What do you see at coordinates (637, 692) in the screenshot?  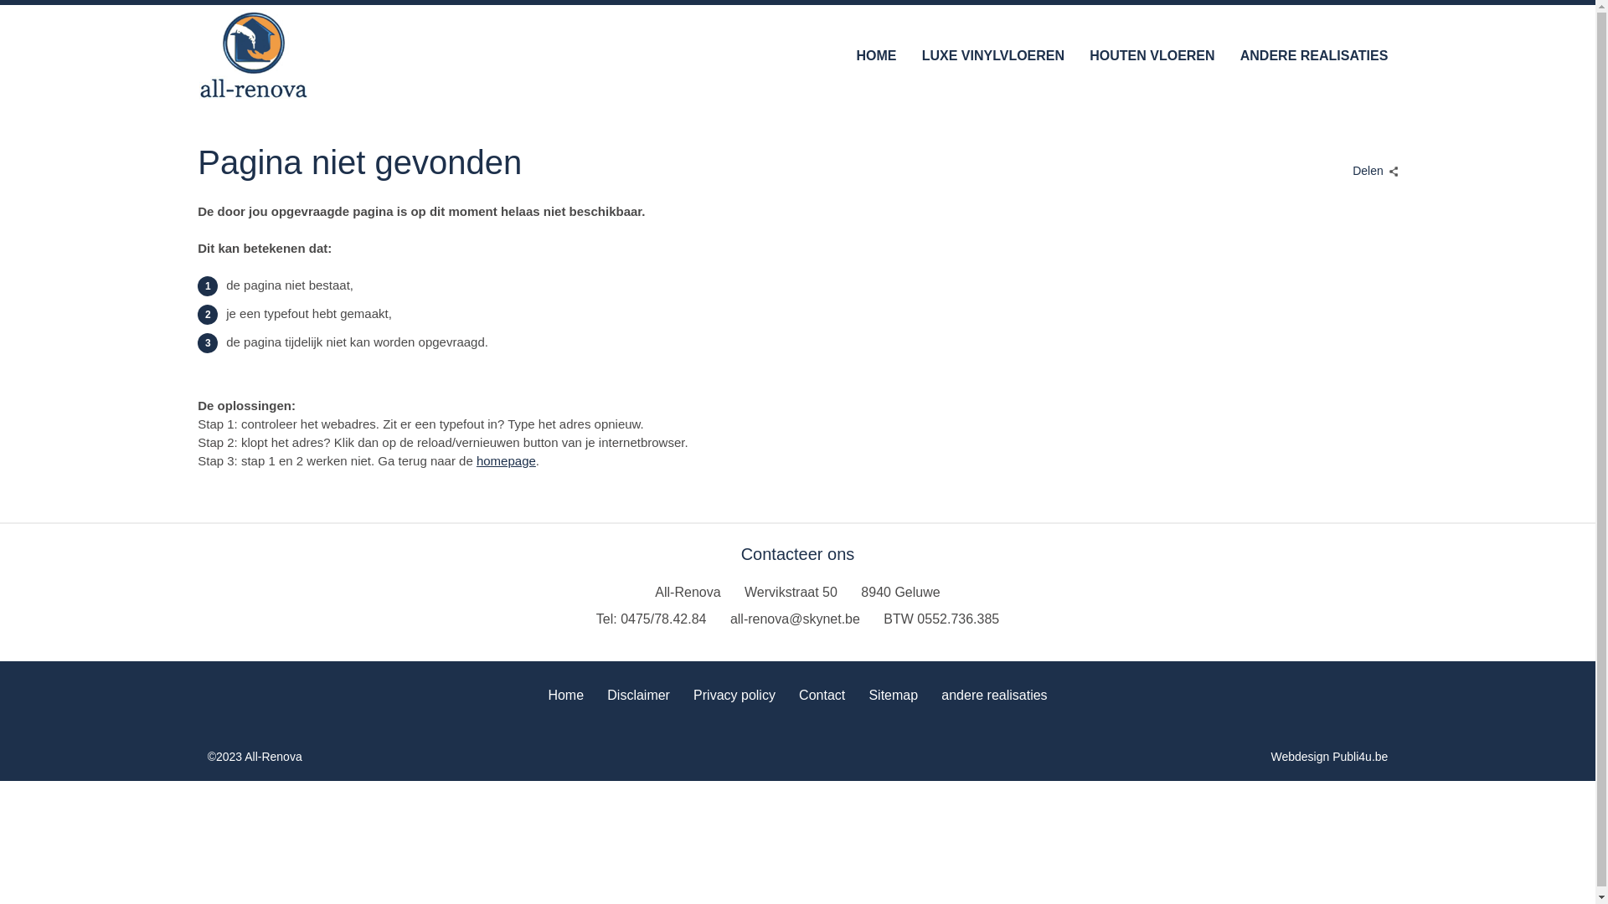 I see `'Disclaimer'` at bounding box center [637, 692].